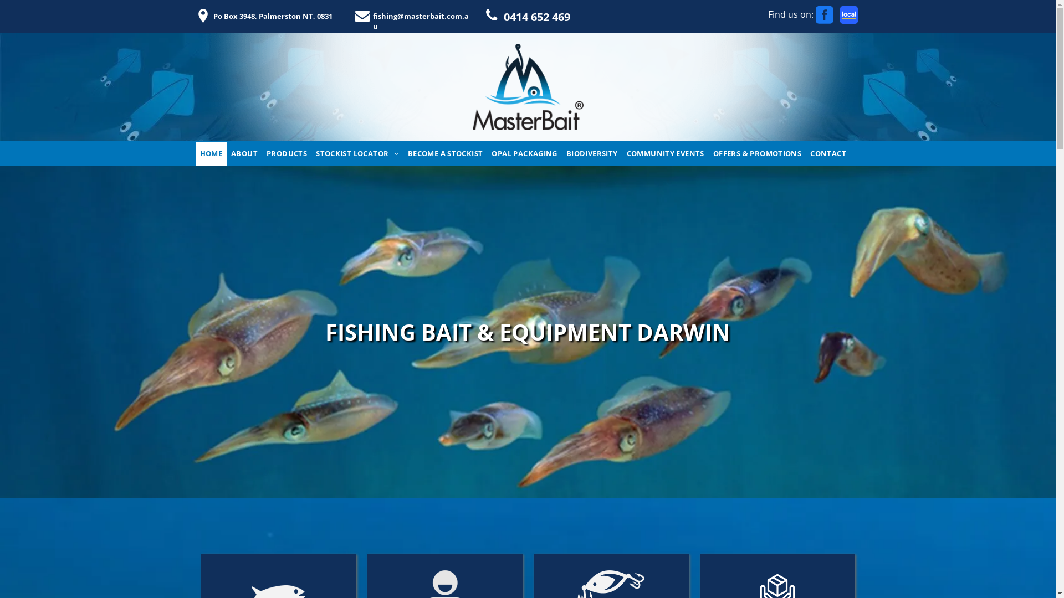 Image resolution: width=1064 pixels, height=598 pixels. I want to click on 'www.localsearch.com.au', so click(848, 15).